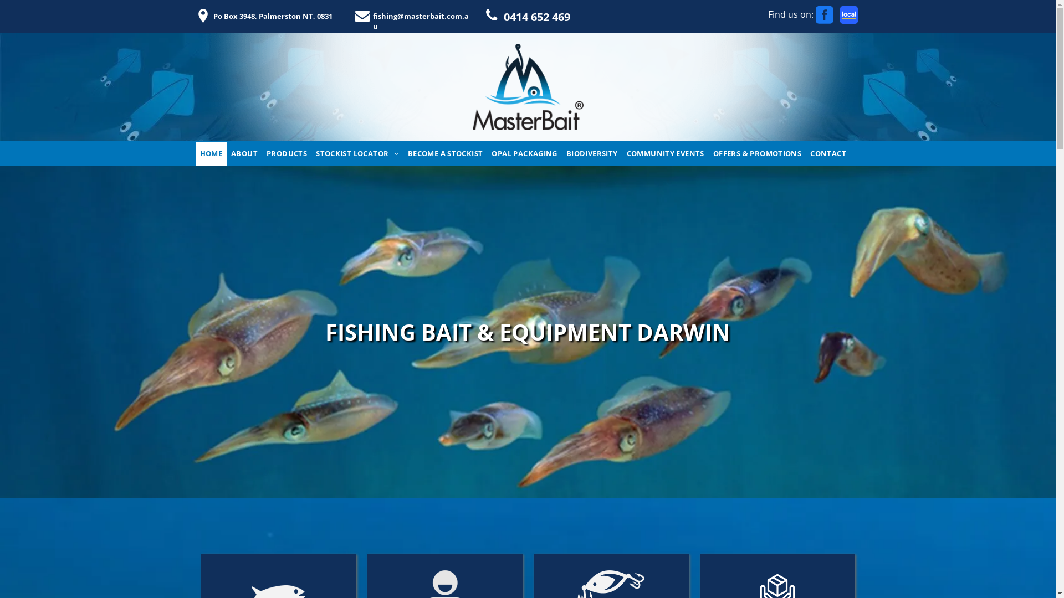 Image resolution: width=1064 pixels, height=598 pixels. I want to click on 'www.localsearch.com.au', so click(848, 15).